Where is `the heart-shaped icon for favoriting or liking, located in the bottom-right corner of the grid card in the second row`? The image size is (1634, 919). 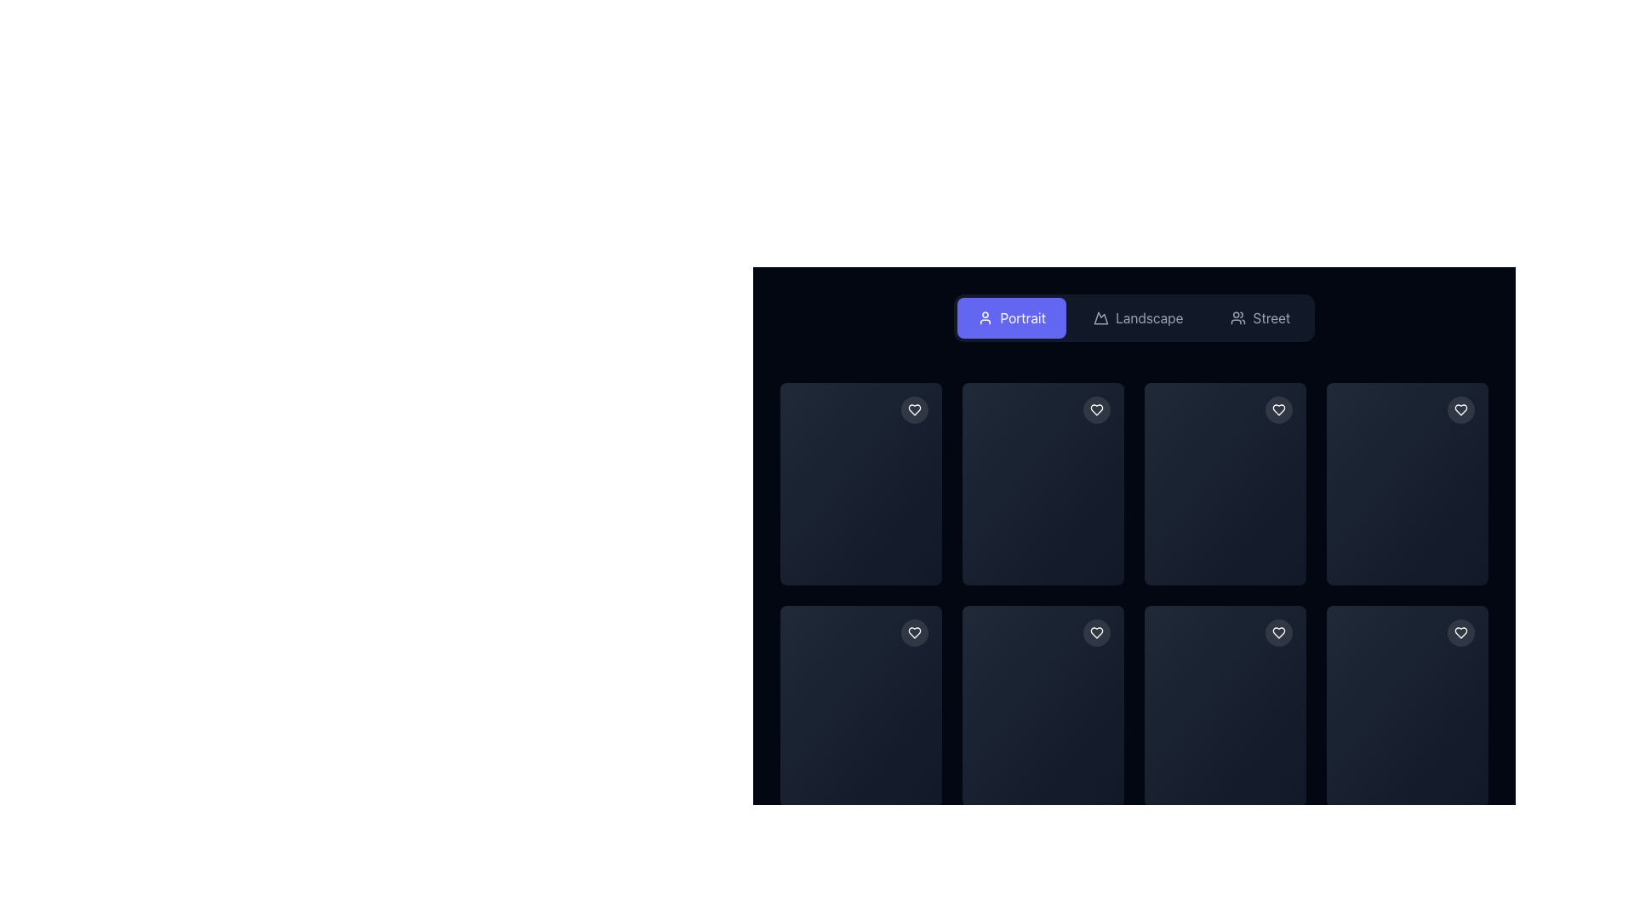 the heart-shaped icon for favoriting or liking, located in the bottom-right corner of the grid card in the second row is located at coordinates (1278, 632).